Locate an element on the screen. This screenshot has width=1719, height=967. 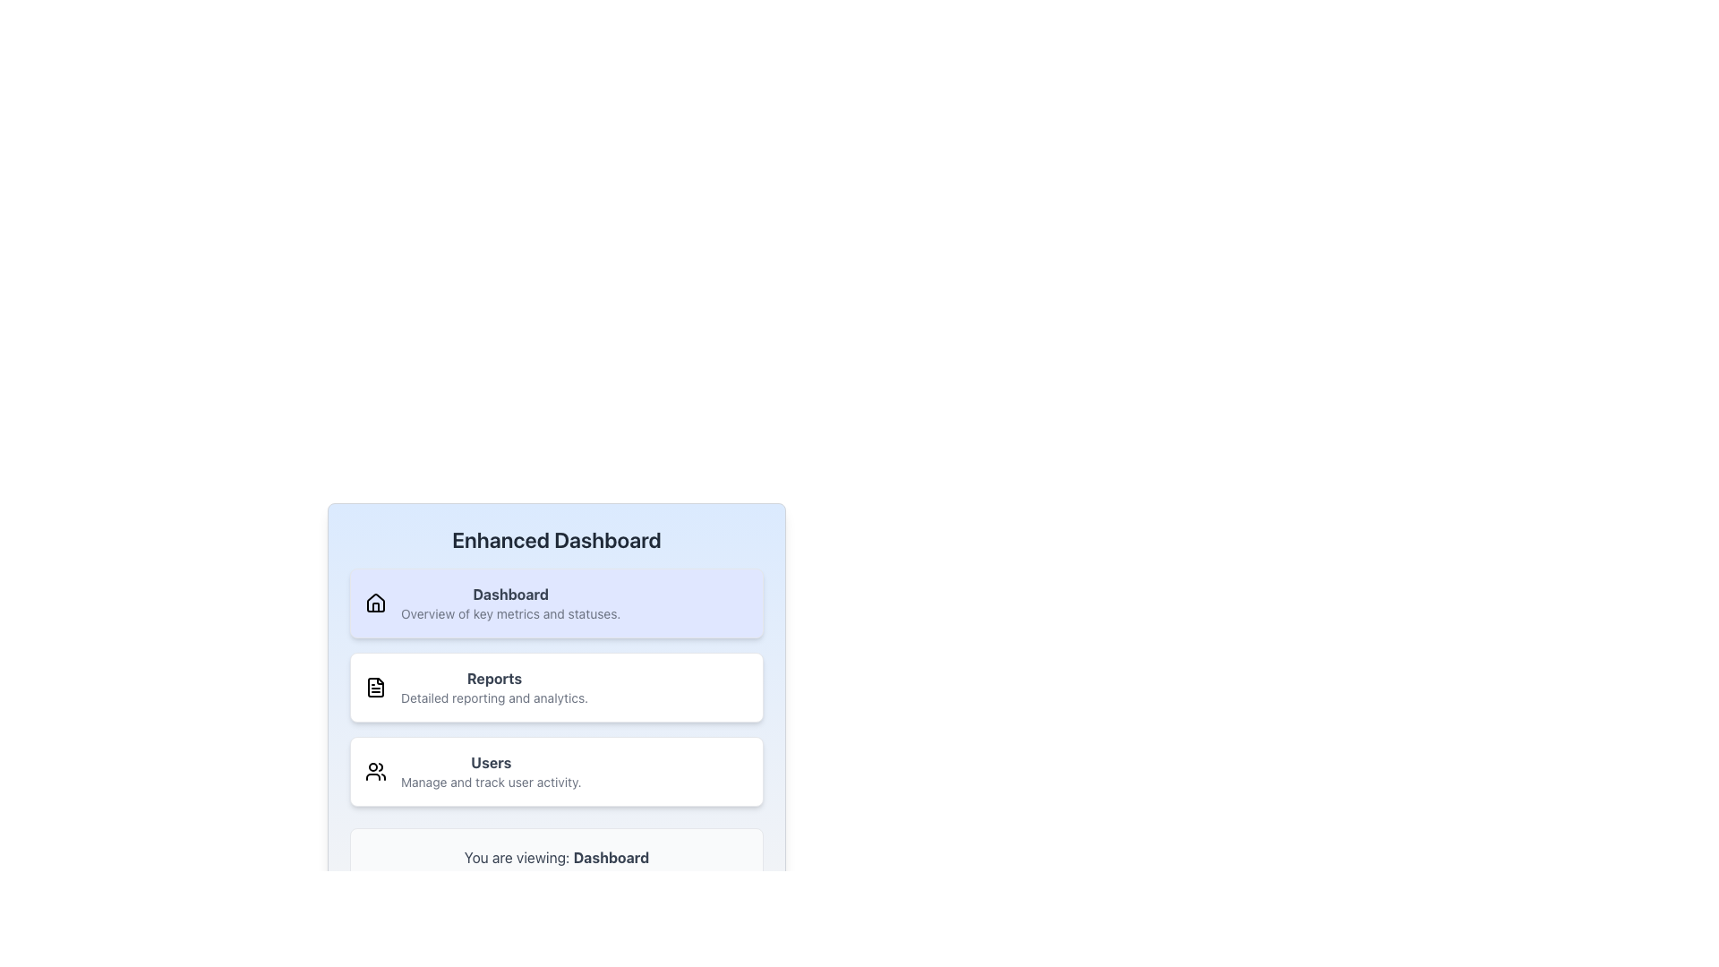
the bold text label displaying 'Reports', which is centrally positioned in the middle card of the dashboard, indicating emphasis in the section about reports is located at coordinates (494, 679).